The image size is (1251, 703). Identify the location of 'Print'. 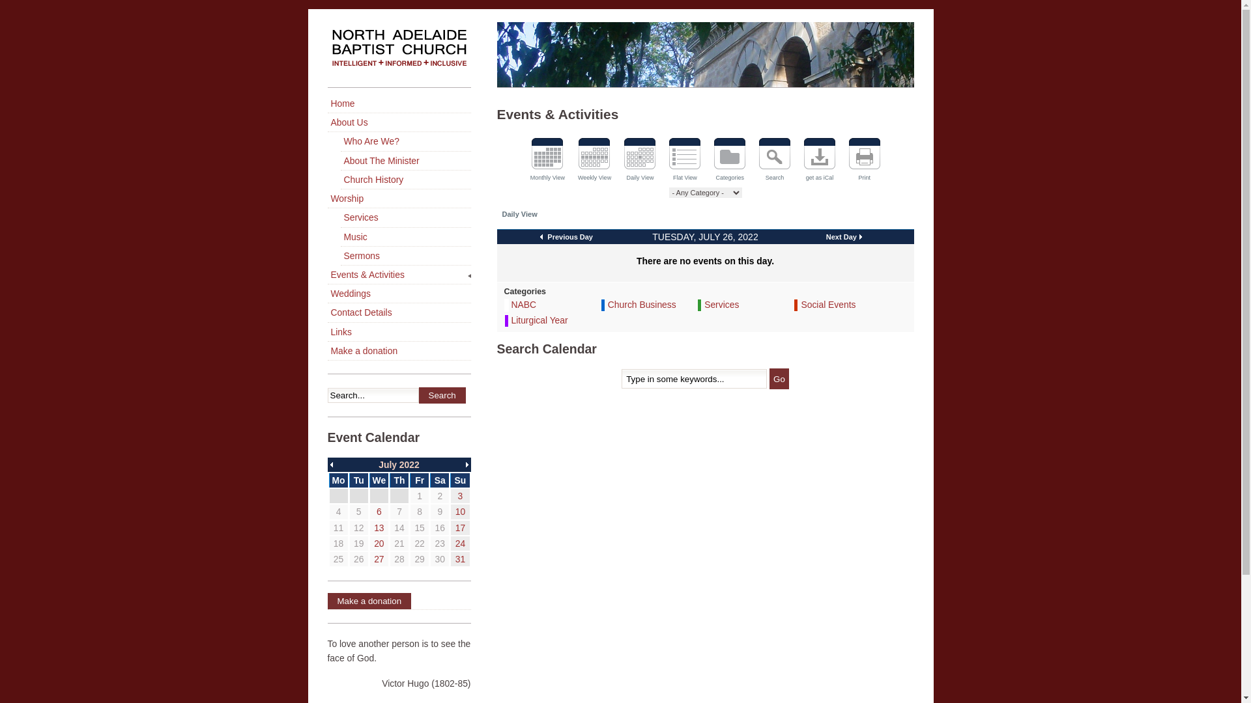
(848, 160).